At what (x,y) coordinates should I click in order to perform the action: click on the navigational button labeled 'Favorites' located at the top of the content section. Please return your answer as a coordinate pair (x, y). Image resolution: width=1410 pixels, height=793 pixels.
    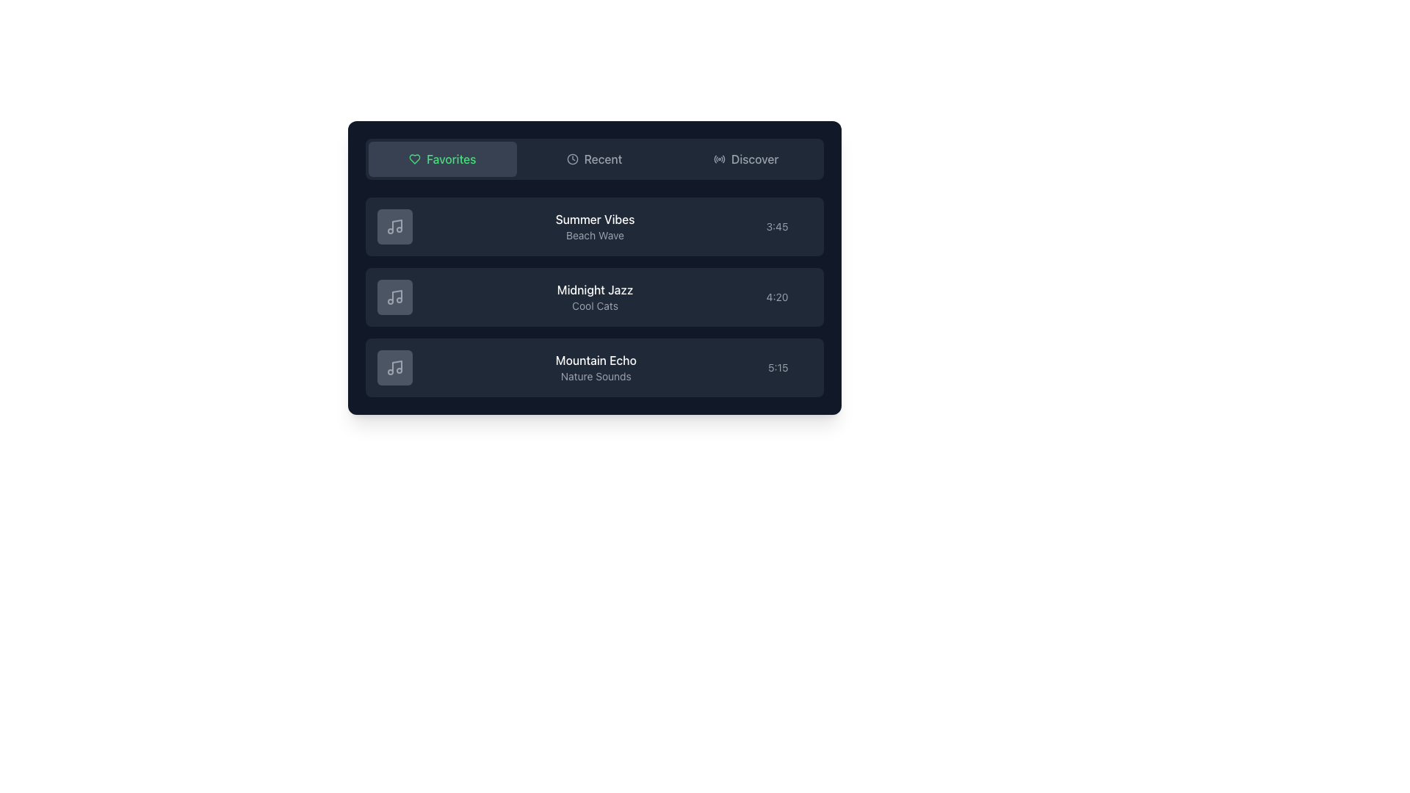
    Looking at the image, I should click on (441, 159).